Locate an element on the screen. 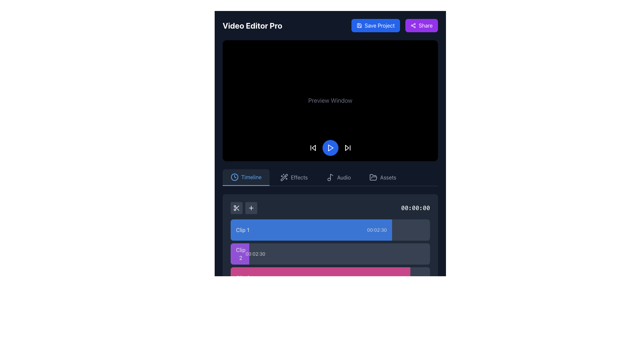 The image size is (639, 359). the 'Timeline' button, which is the first button in the navigation bar located beneath the preview window is located at coordinates (246, 177).